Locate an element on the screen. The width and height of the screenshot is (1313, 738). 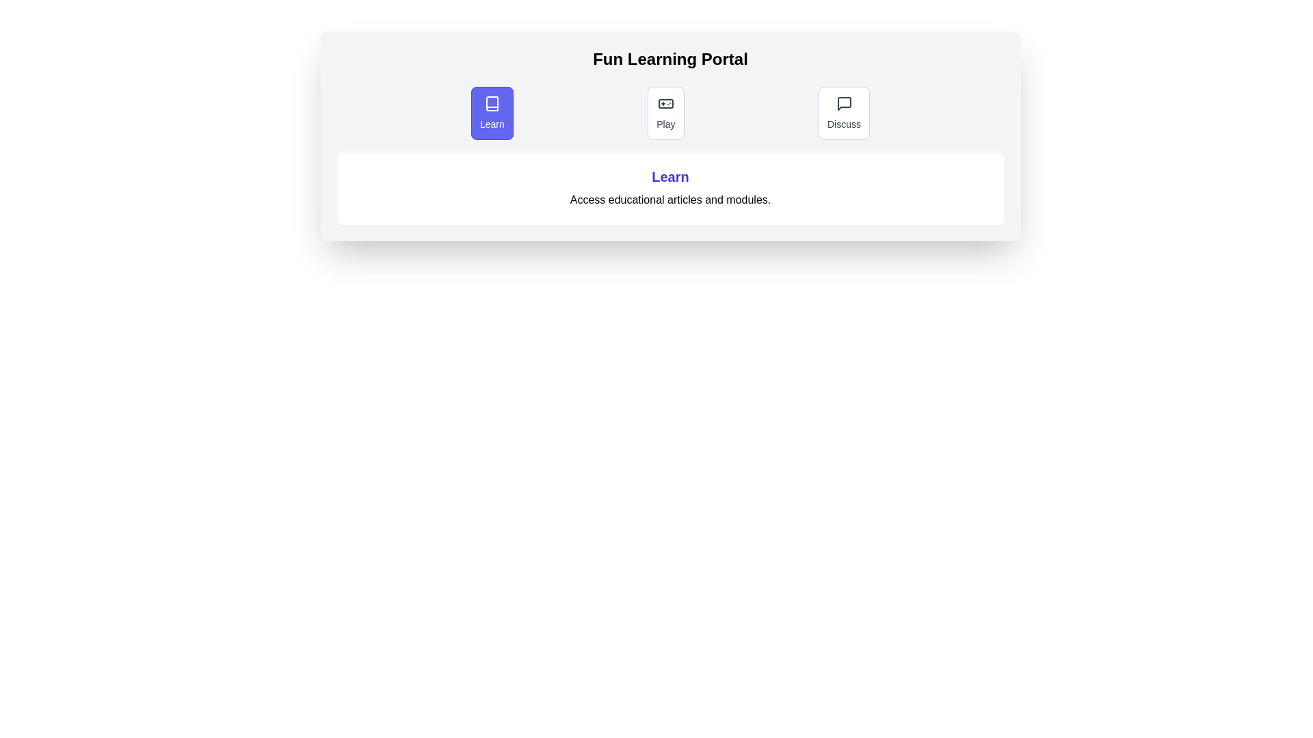
the Learn tab is located at coordinates (492, 112).